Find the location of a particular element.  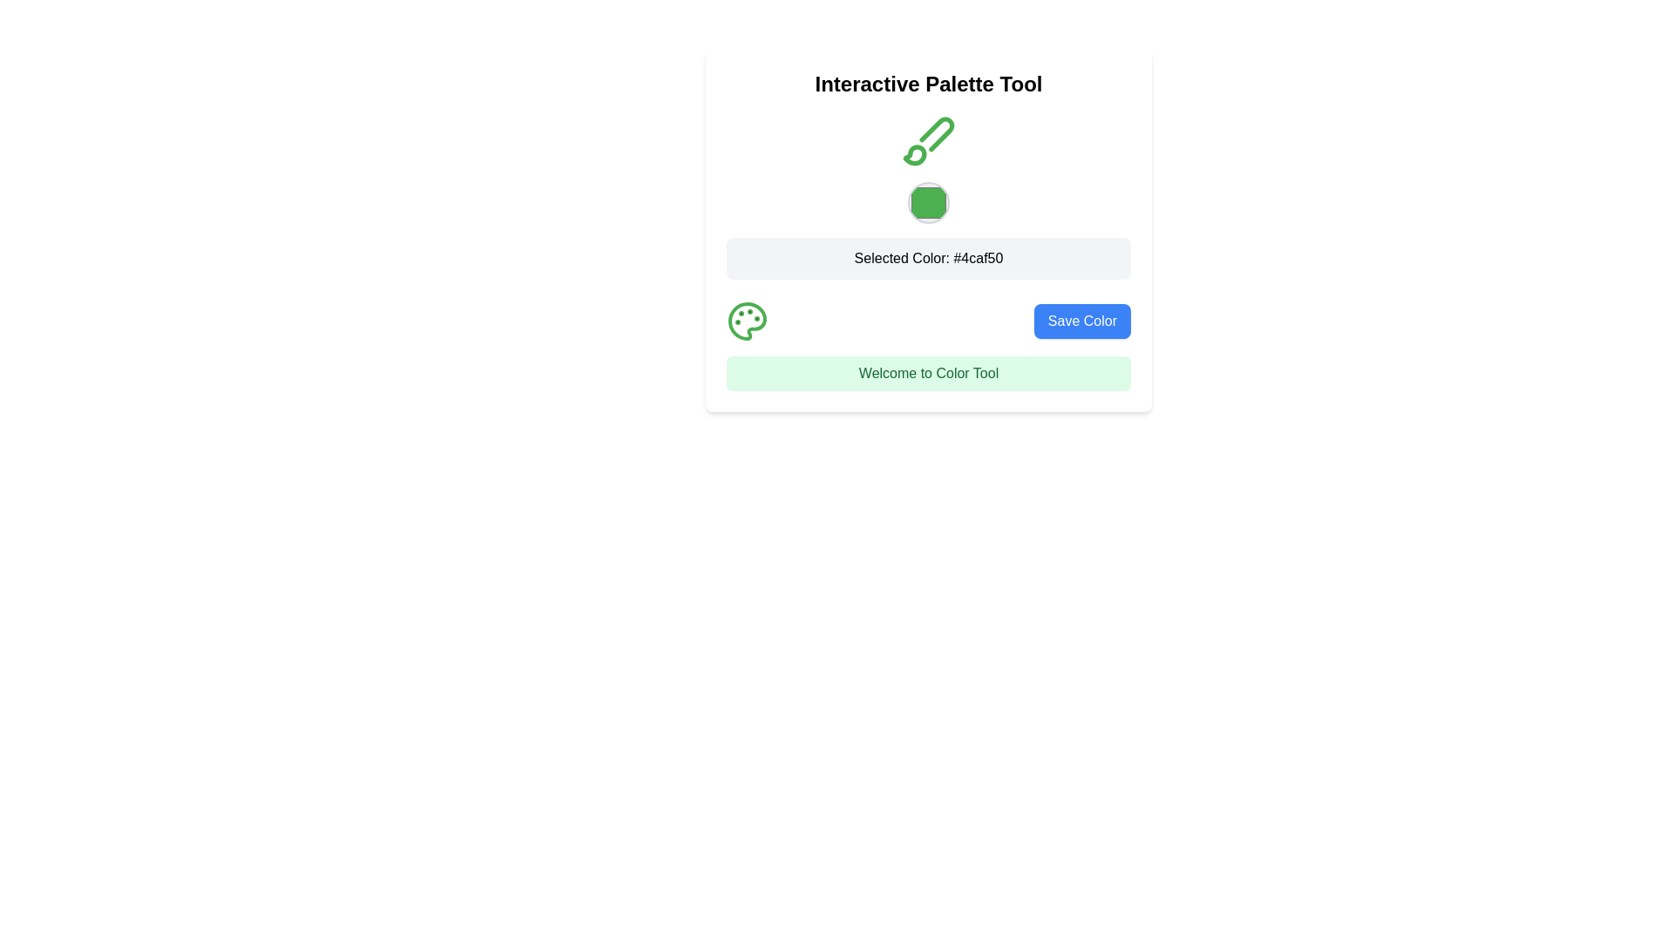

the color palette icon located to the left of the 'Save Color' button is located at coordinates (748, 322).